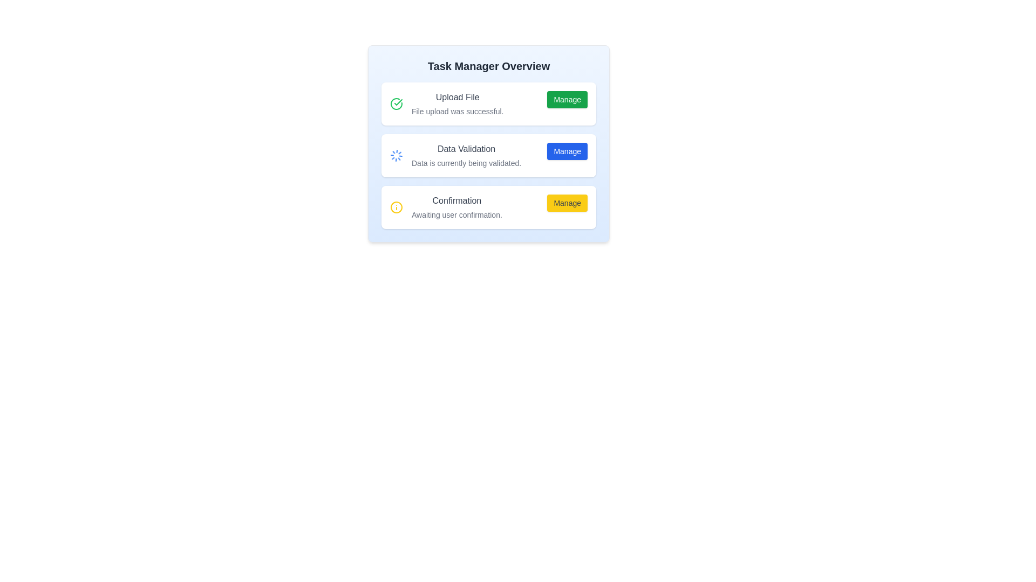 The width and height of the screenshot is (1036, 582). Describe the element at coordinates (396, 103) in the screenshot. I see `the graphical icon that indicates successful completion of the upload process, located to the left of the 'Upload File' text in the topmost rectangle of the interface` at that location.